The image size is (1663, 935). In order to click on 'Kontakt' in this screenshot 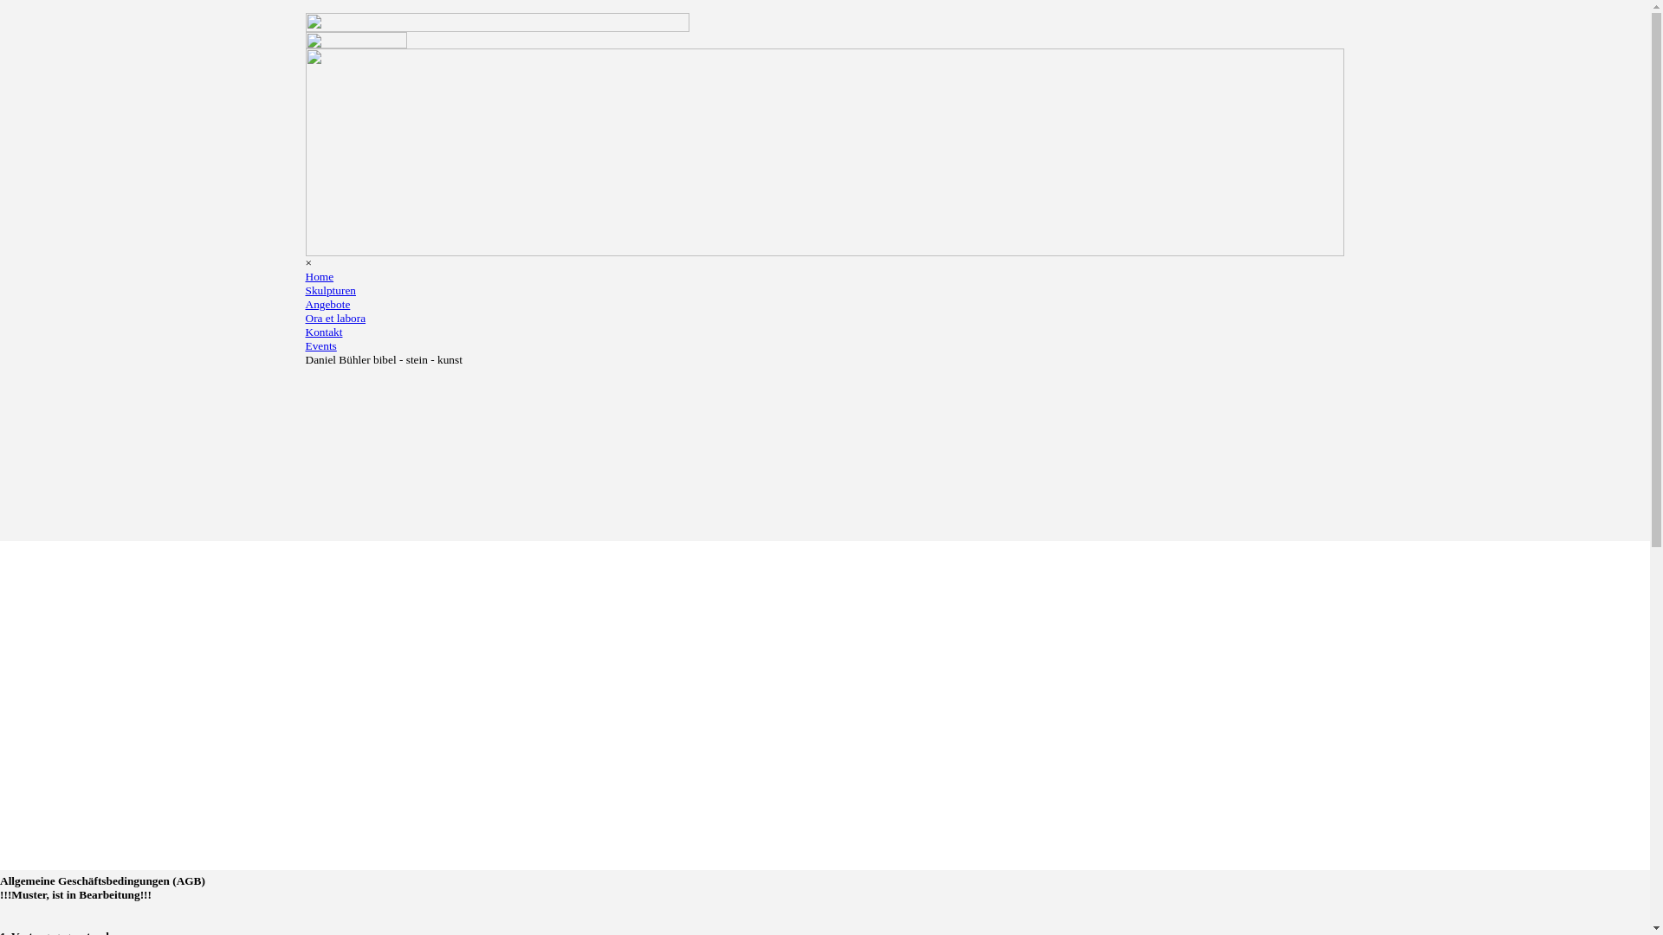, I will do `click(323, 332)`.